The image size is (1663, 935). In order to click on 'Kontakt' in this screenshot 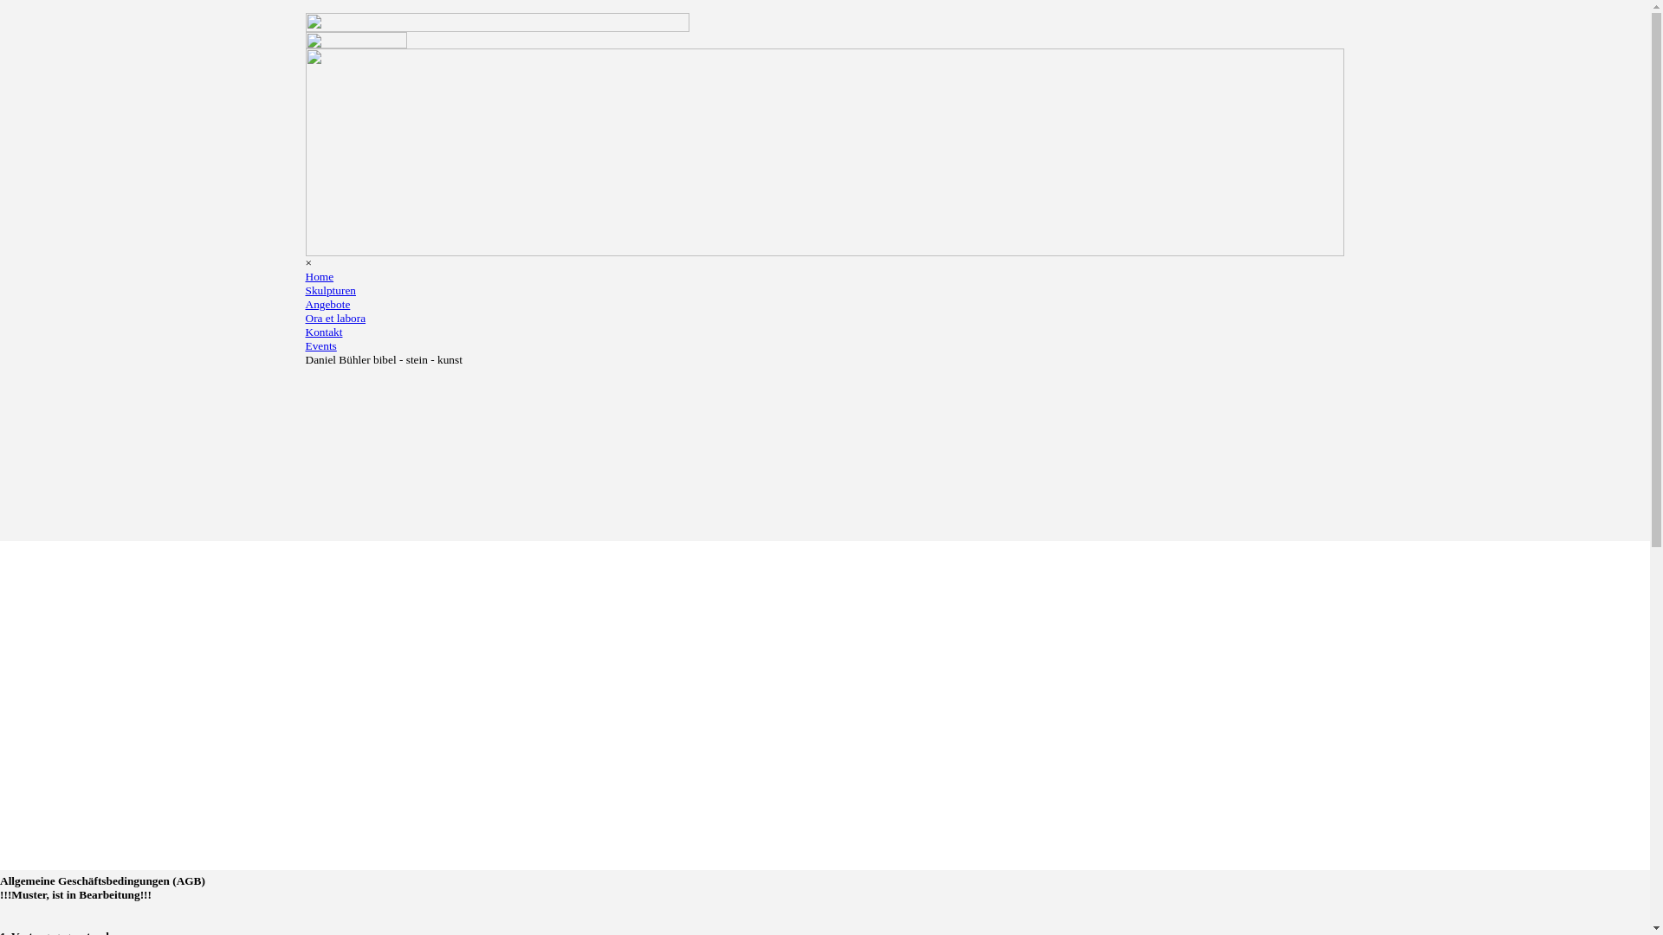, I will do `click(323, 332)`.